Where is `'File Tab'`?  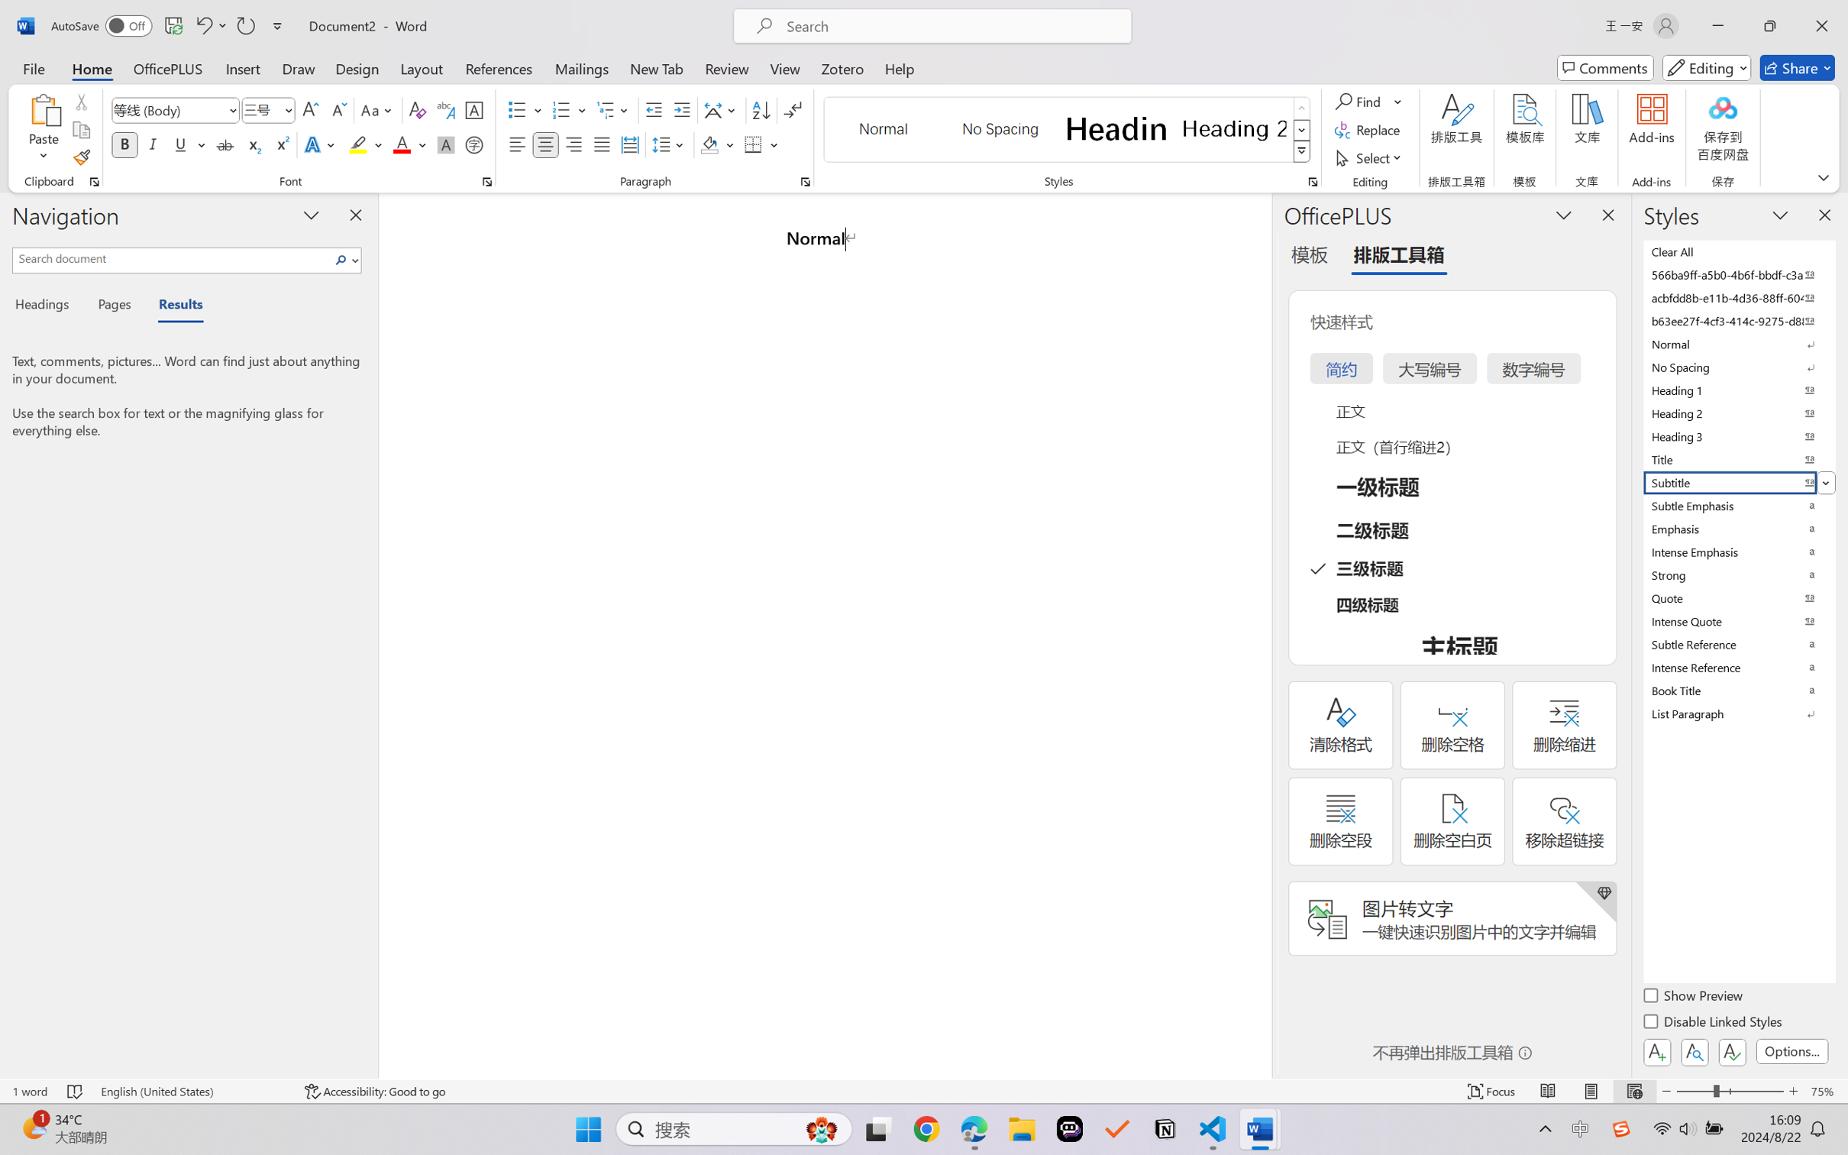
'File Tab' is located at coordinates (33, 67).